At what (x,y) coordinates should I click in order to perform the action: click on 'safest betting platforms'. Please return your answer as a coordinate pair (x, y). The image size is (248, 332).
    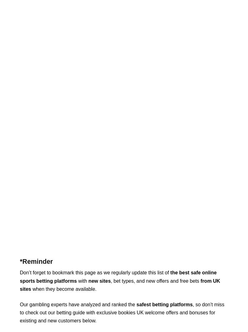
    Looking at the image, I should click on (164, 304).